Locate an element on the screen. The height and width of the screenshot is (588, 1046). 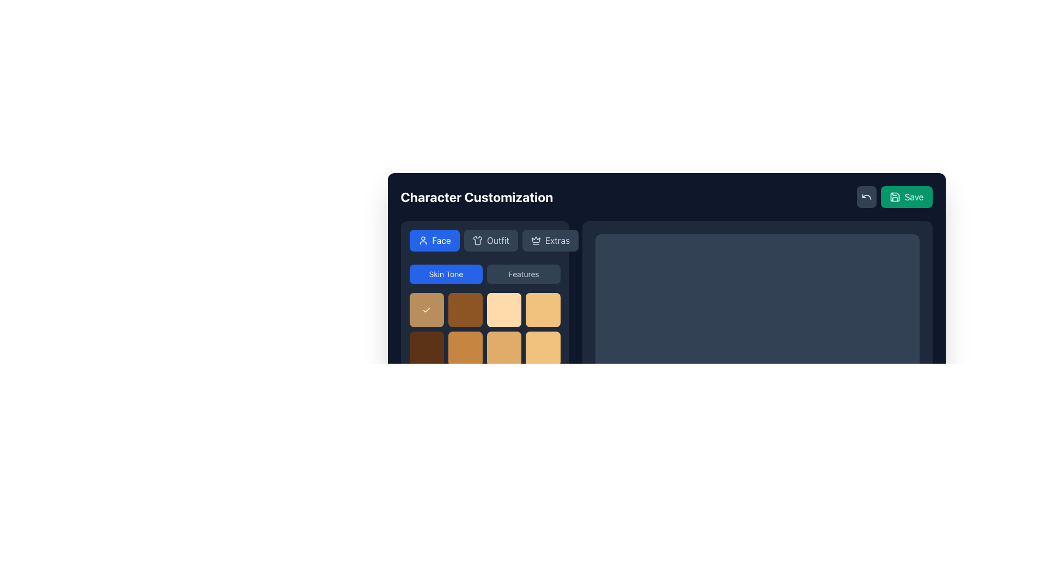
the fourth selectable option in the top row of the grid is located at coordinates (543, 310).